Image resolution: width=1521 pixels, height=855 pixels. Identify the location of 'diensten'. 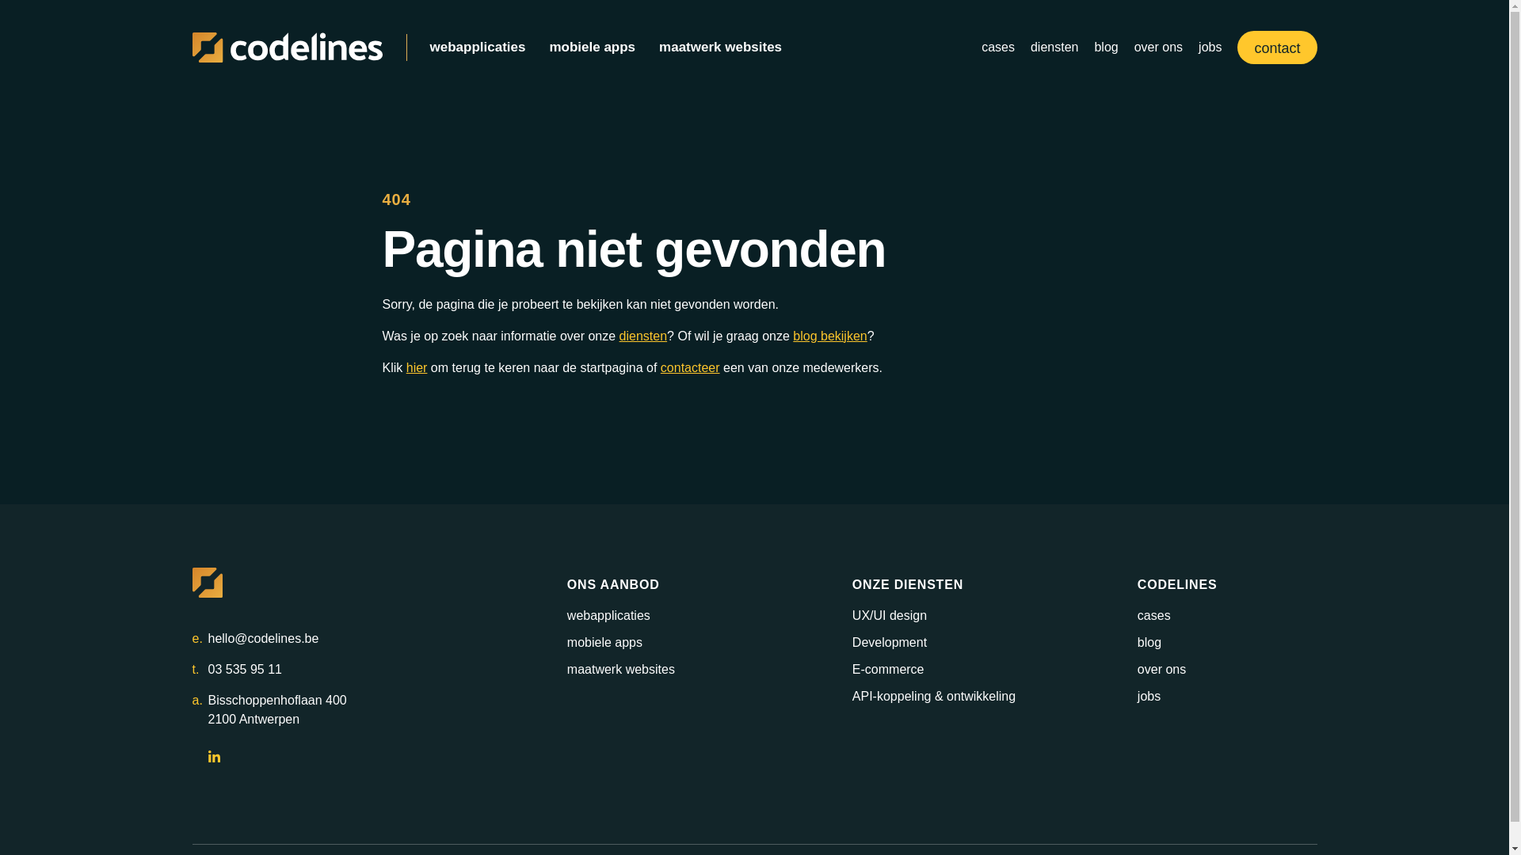
(619, 335).